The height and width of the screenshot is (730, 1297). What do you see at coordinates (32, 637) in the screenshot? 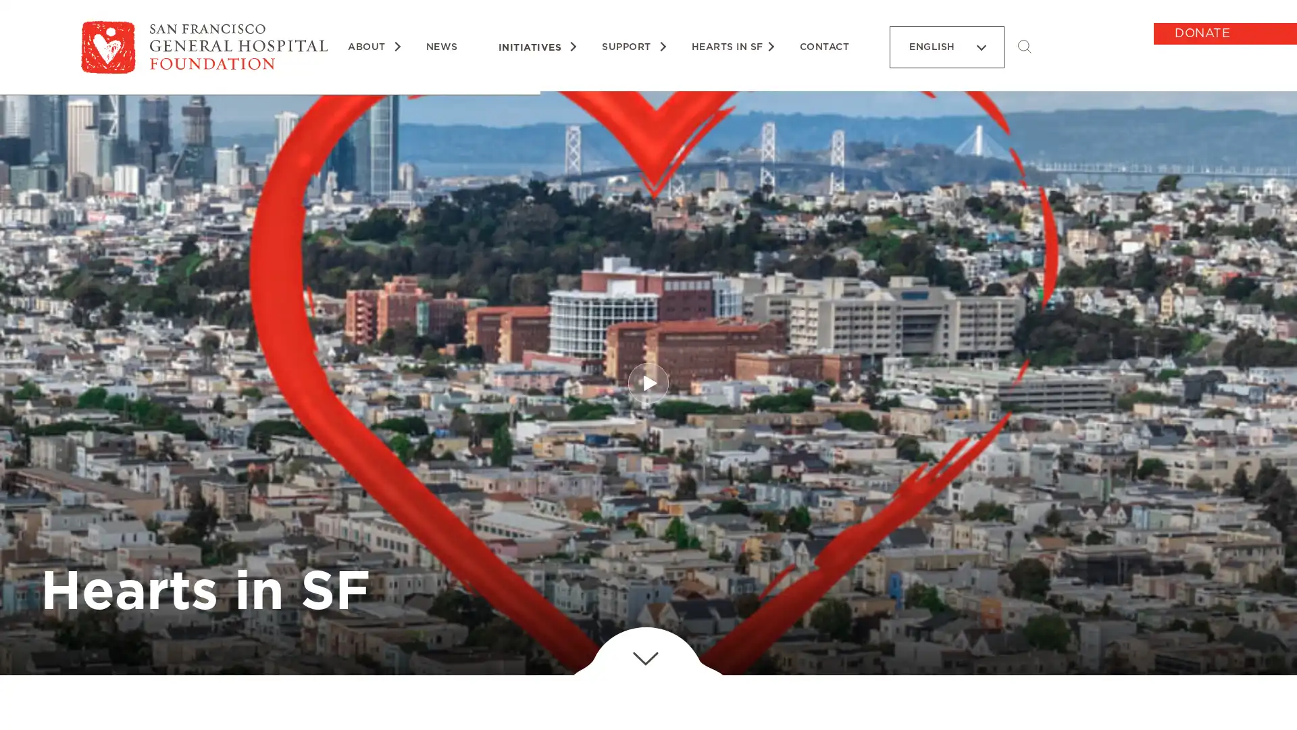
I see `play` at bounding box center [32, 637].